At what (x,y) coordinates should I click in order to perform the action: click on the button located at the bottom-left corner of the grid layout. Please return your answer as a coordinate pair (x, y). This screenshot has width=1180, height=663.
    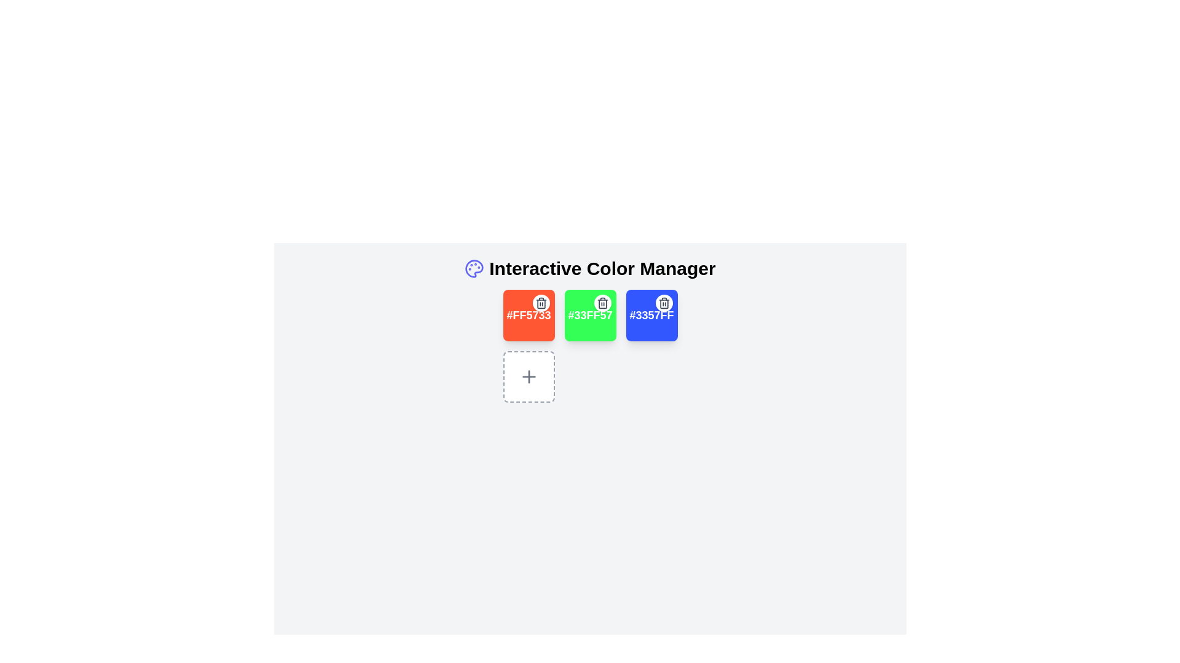
    Looking at the image, I should click on (529, 376).